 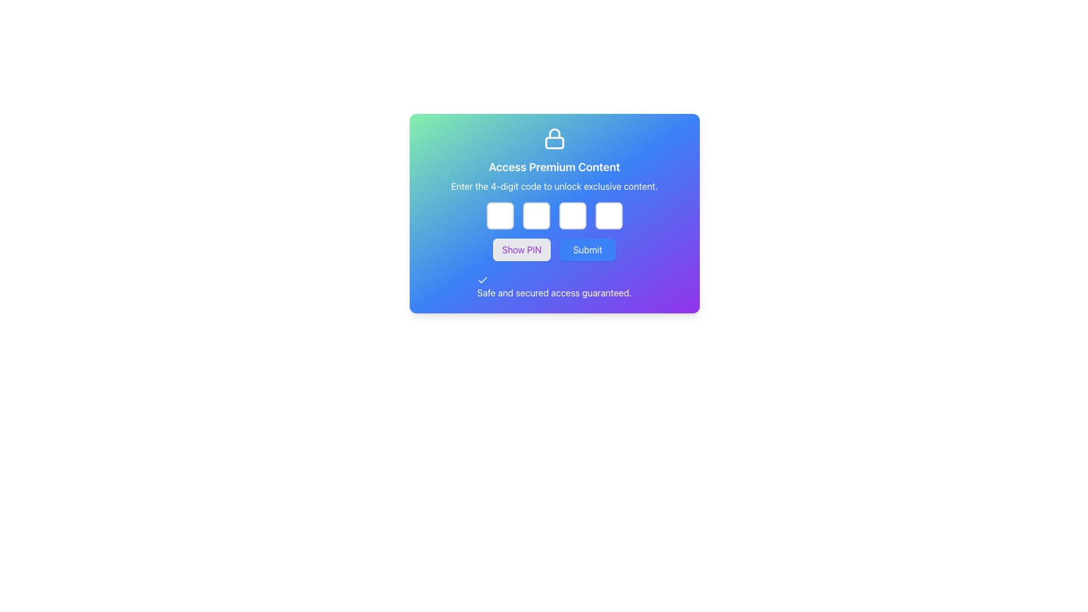 I want to click on the text label displaying 'Enter the 4-digit code to unlock exclusive content.' which is located below the title 'Access Premium Content' and above the input field group, so click(x=554, y=185).